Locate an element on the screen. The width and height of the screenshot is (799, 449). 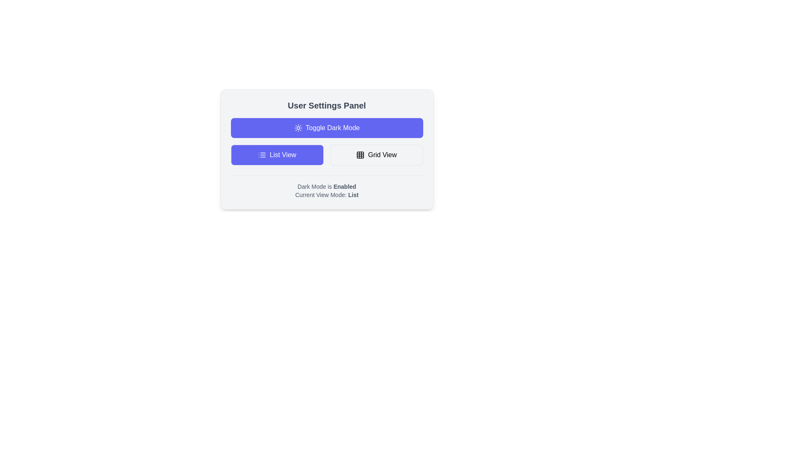
the 'Grid View' icon located to the left of the text 'Grid View' in the settings panel, which enhances user recognition of the button's functionality is located at coordinates (360, 155).